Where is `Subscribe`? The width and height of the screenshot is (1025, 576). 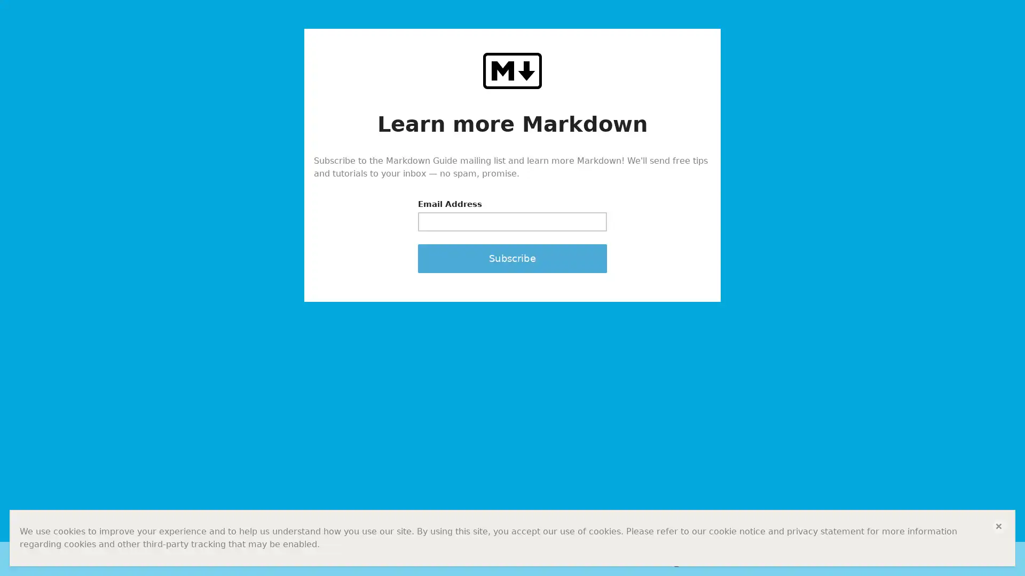 Subscribe is located at coordinates (512, 258).